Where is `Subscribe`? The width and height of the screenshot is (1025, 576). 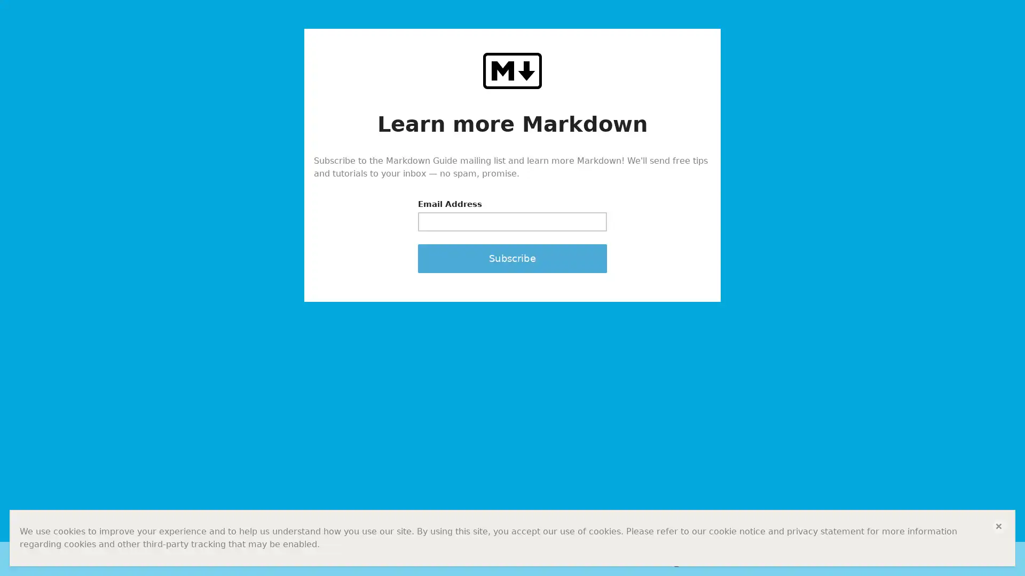 Subscribe is located at coordinates (512, 258).